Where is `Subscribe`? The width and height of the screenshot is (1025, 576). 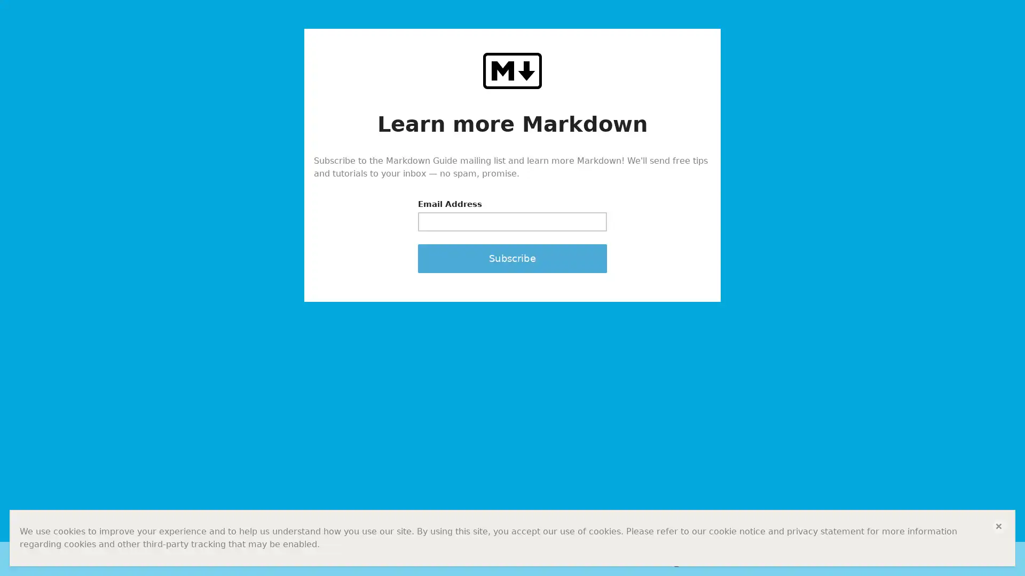 Subscribe is located at coordinates (512, 258).